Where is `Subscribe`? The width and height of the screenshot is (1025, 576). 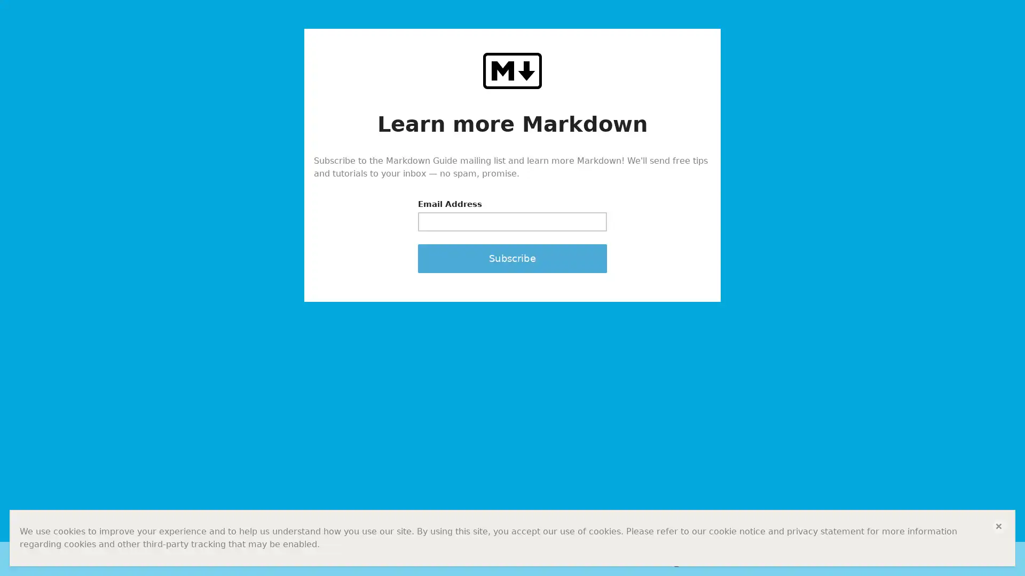 Subscribe is located at coordinates (512, 258).